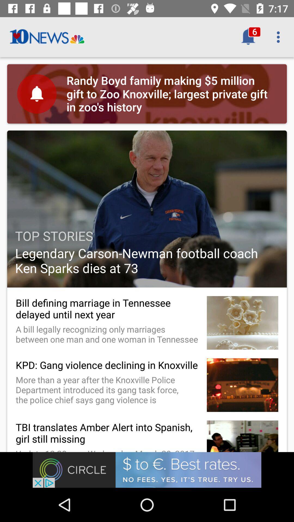  What do you see at coordinates (147, 470) in the screenshot?
I see `advertisement` at bounding box center [147, 470].